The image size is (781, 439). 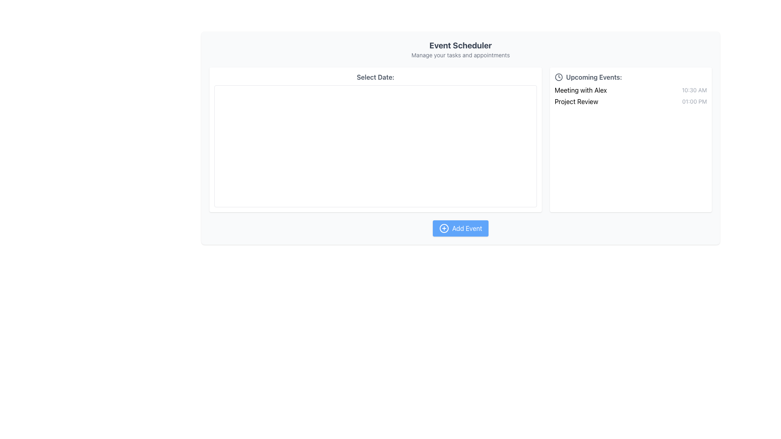 I want to click on the text block titled 'Event Scheduler' with subtitle 'Manage your tasks and appointments', which is styled prominently and located at the top center of the content area, so click(x=460, y=50).